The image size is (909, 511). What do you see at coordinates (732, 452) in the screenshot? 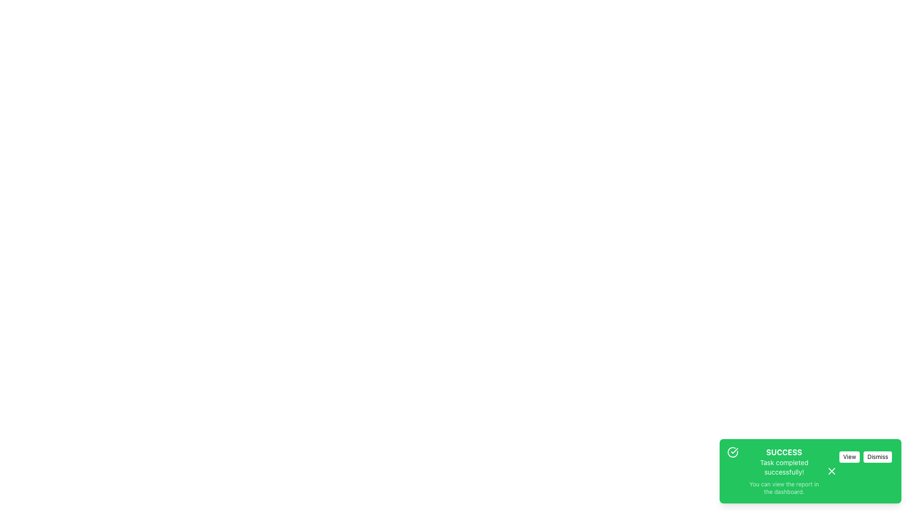
I see `the circular check icon with a green stroke, which represents success, located in the bottom-right section of the interface inside the 'SUCCESS' notification box` at bounding box center [732, 452].